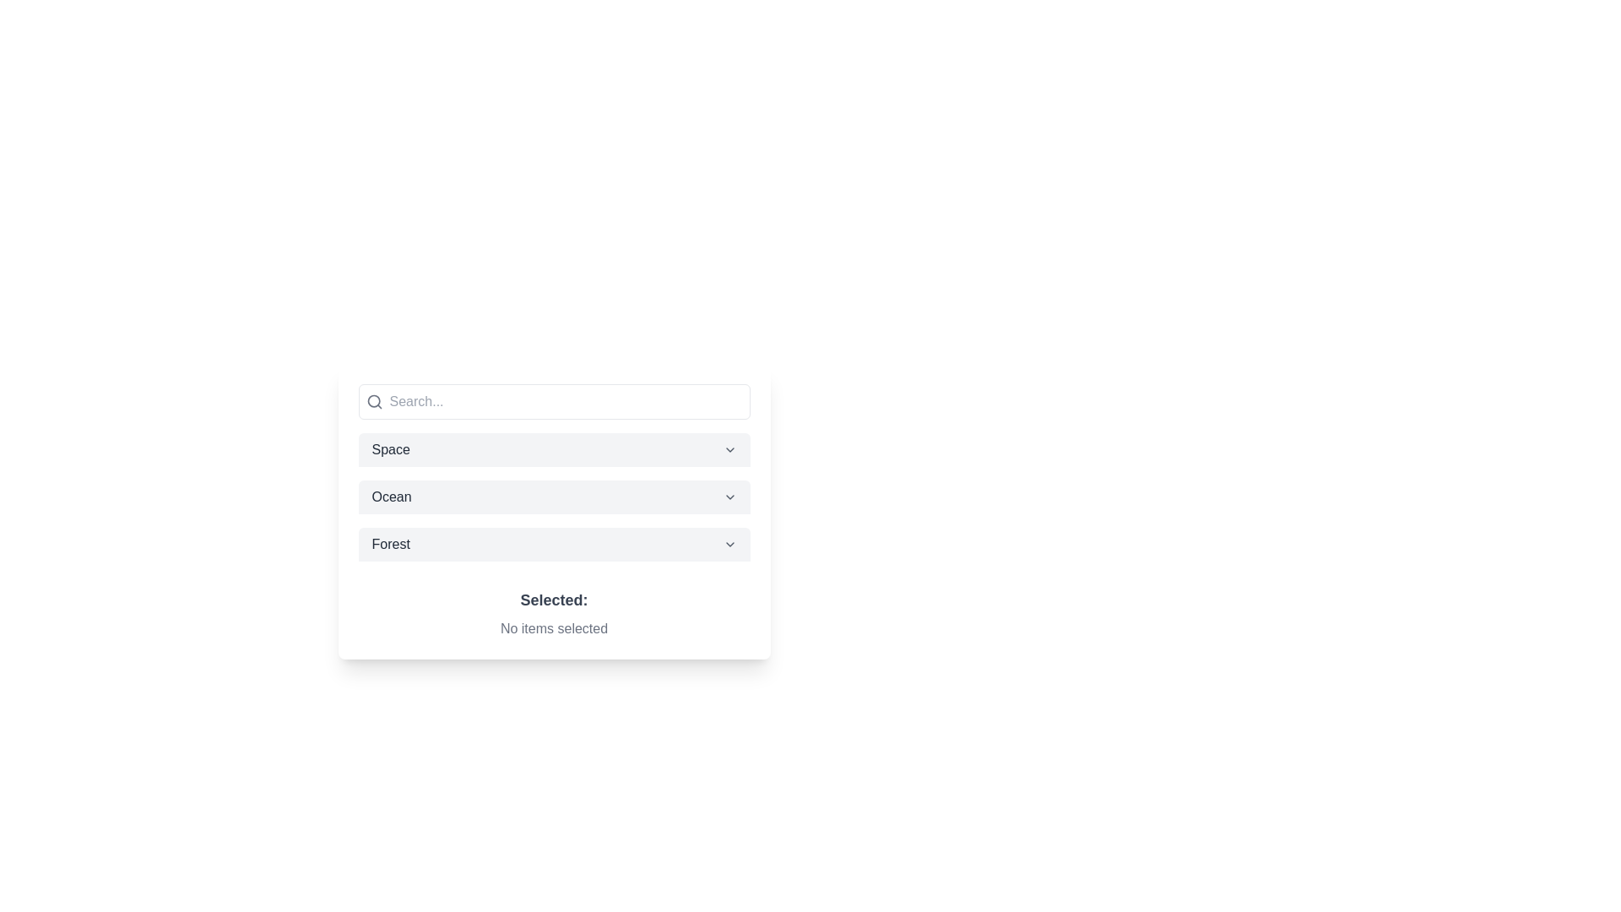  What do you see at coordinates (373, 401) in the screenshot?
I see `the search icon located at the start of the horizontal search bar, which serves as a visual cue for searching` at bounding box center [373, 401].